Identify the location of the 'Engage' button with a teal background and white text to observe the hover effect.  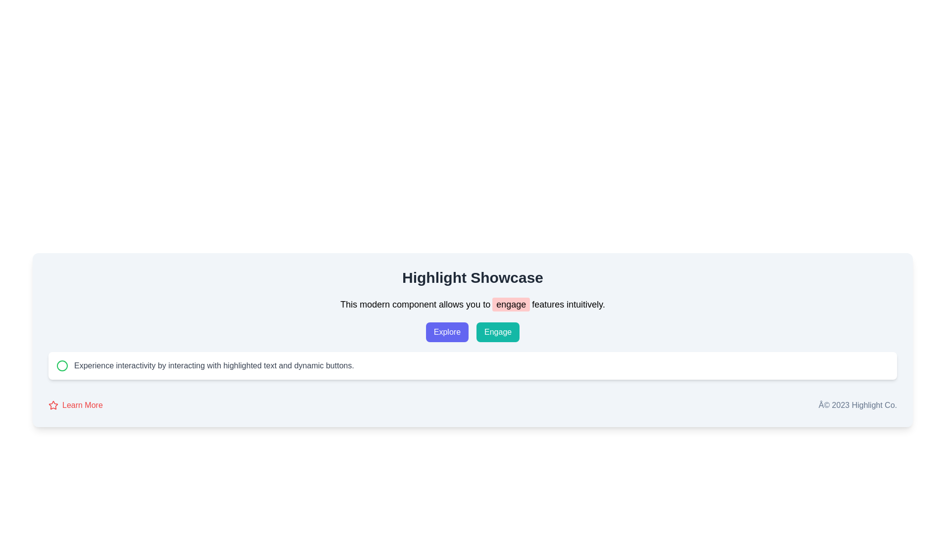
(498, 332).